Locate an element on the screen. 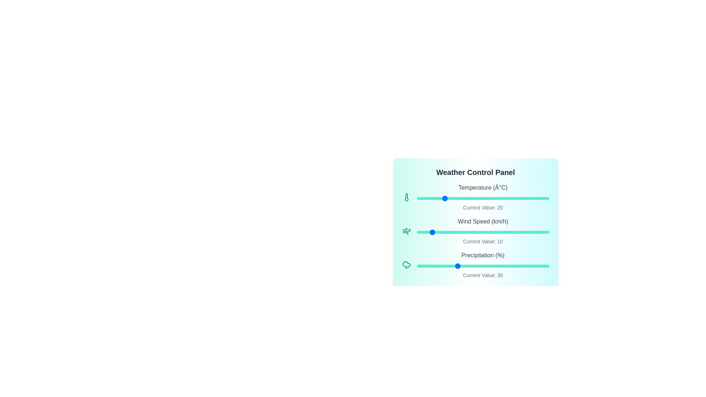  the temperature slider to set the temperature to 91 degrees is located at coordinates (537, 198).